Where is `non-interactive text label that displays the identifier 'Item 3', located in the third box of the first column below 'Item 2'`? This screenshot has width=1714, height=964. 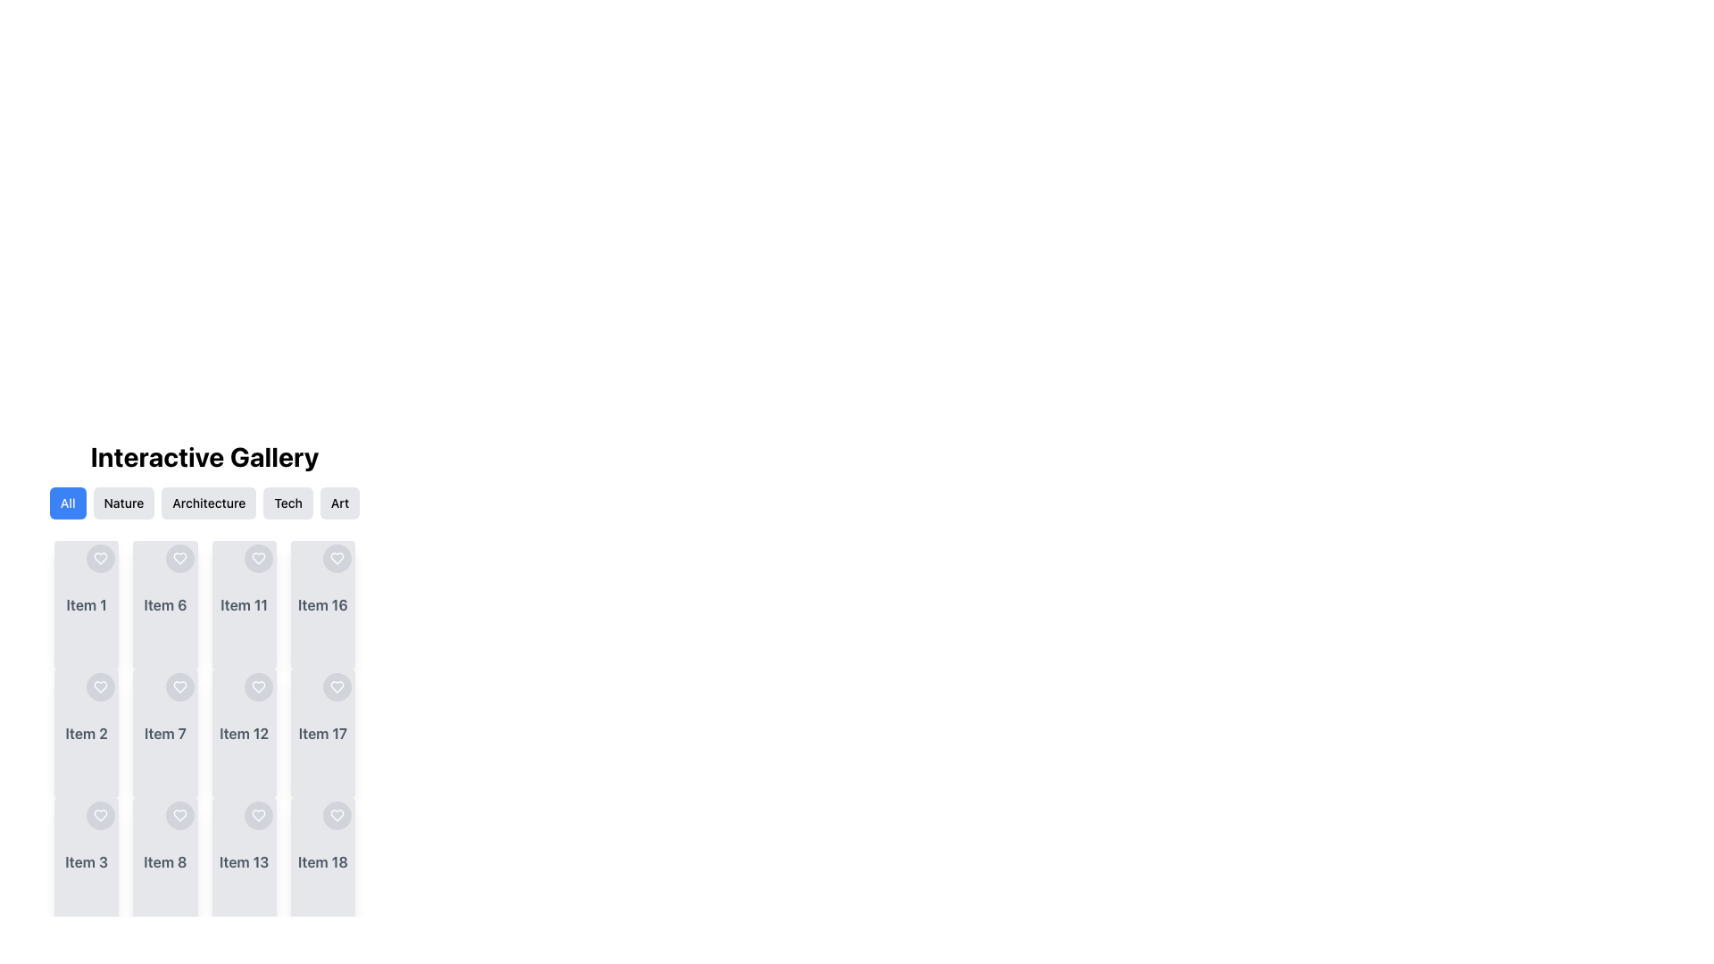 non-interactive text label that displays the identifier 'Item 3', located in the third box of the first column below 'Item 2' is located at coordinates (86, 860).